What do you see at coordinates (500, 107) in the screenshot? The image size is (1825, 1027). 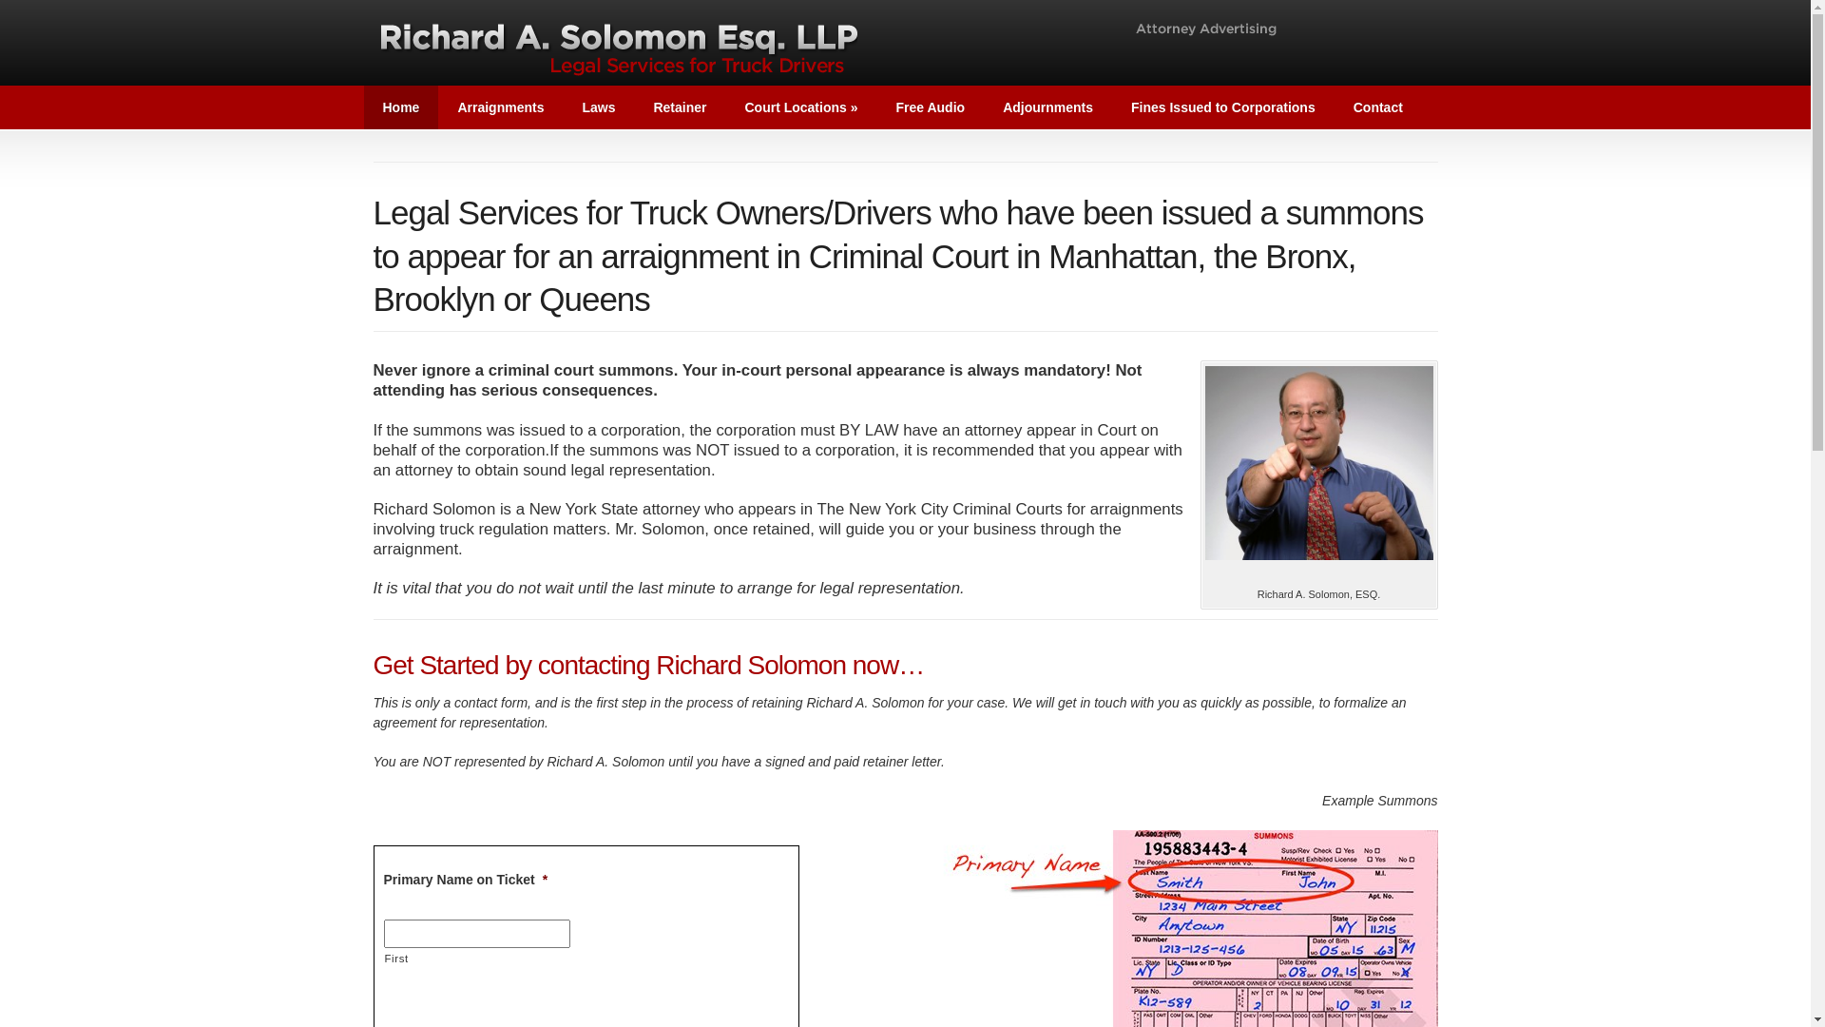 I see `'Arraignments'` at bounding box center [500, 107].